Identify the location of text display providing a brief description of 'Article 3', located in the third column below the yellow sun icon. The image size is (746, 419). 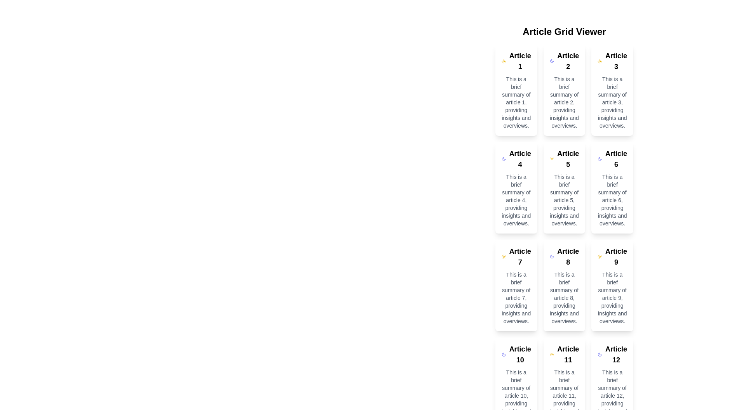
(612, 102).